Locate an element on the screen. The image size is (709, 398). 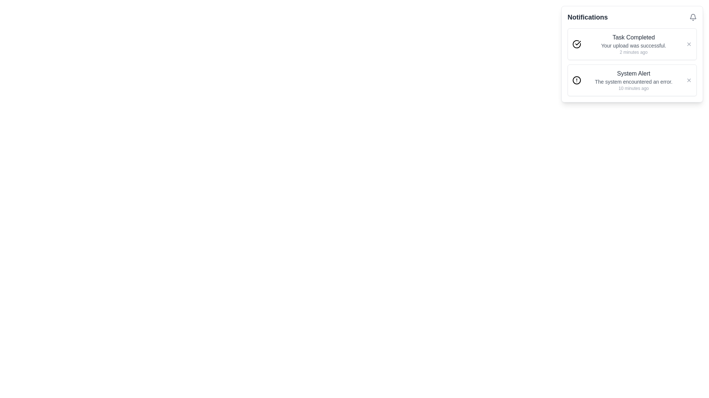
the text label displaying '2 minutes ago' in light gray color, located within the 'Task Completed' notification beneath 'Your upload was successful.' is located at coordinates (633, 52).